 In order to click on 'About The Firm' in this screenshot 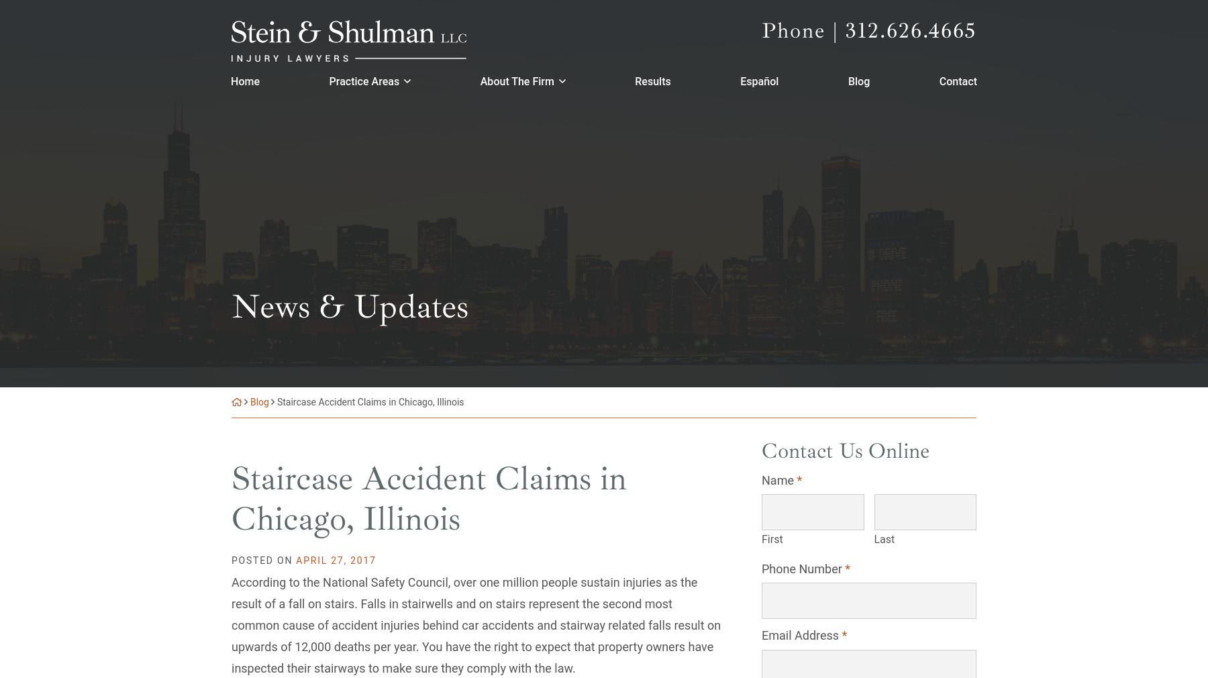, I will do `click(479, 77)`.